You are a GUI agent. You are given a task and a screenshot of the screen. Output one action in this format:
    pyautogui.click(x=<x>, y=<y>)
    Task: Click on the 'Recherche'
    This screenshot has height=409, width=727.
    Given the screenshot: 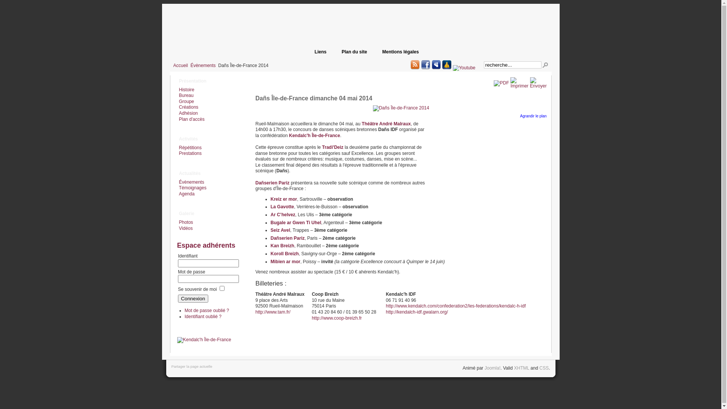 What is the action you would take?
    pyautogui.click(x=544, y=65)
    